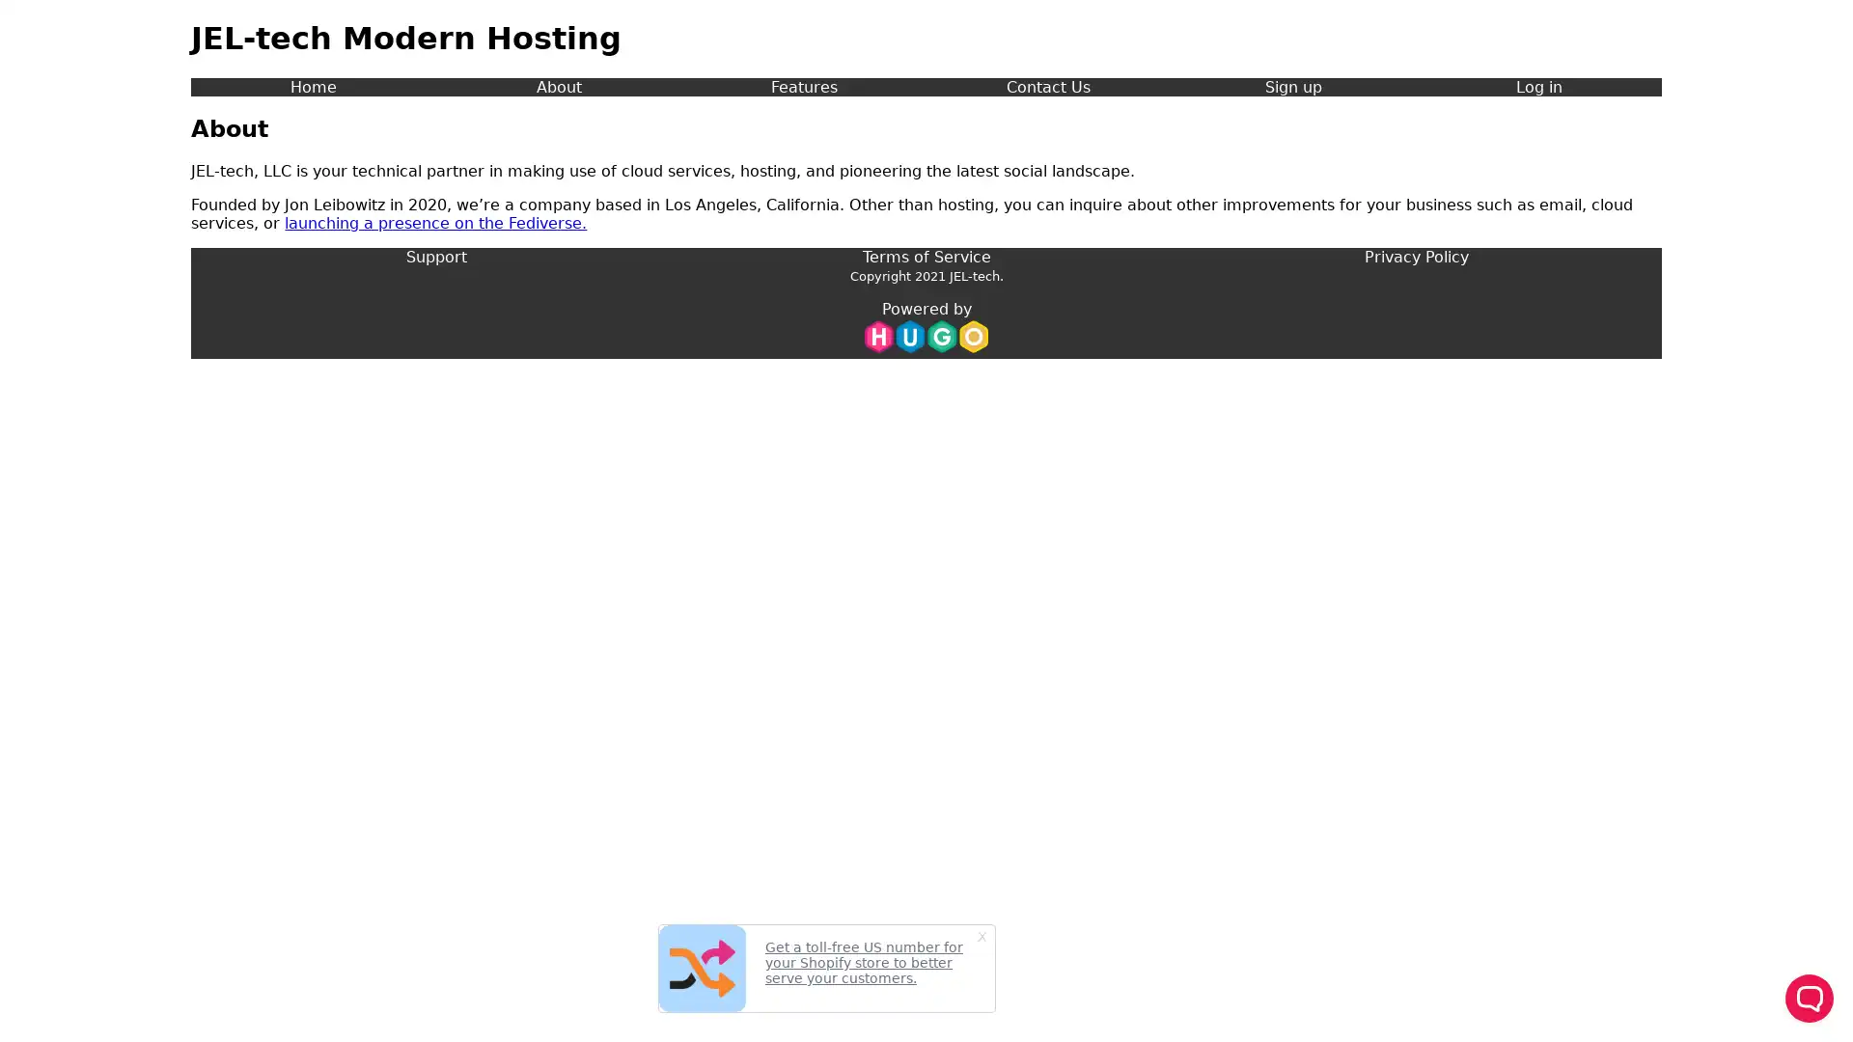 This screenshot has width=1853, height=1042. What do you see at coordinates (1809, 998) in the screenshot?
I see `Open chat widget` at bounding box center [1809, 998].